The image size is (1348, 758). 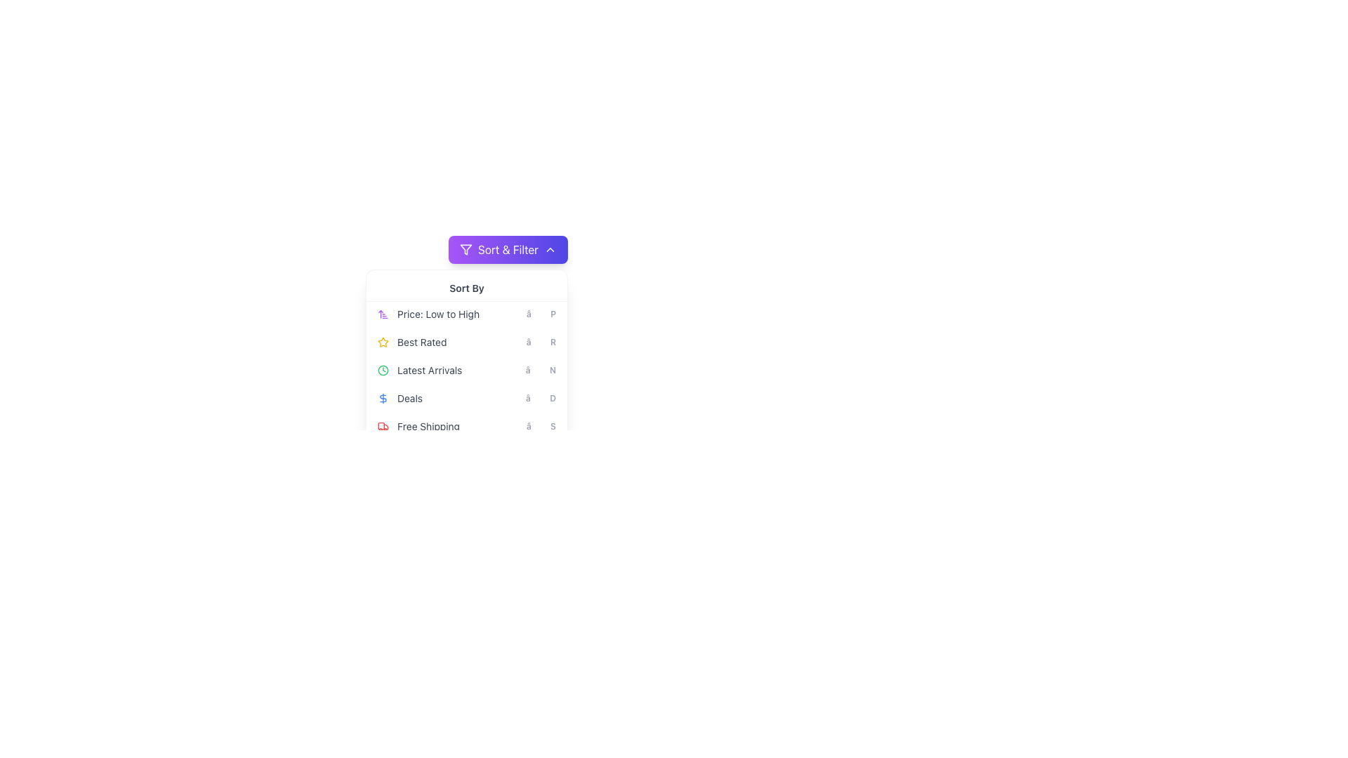 What do you see at coordinates (383, 398) in the screenshot?
I see `the blue dollar sign icon located within the 'Deals' list item of the 'Sort By' dropdown menu` at bounding box center [383, 398].